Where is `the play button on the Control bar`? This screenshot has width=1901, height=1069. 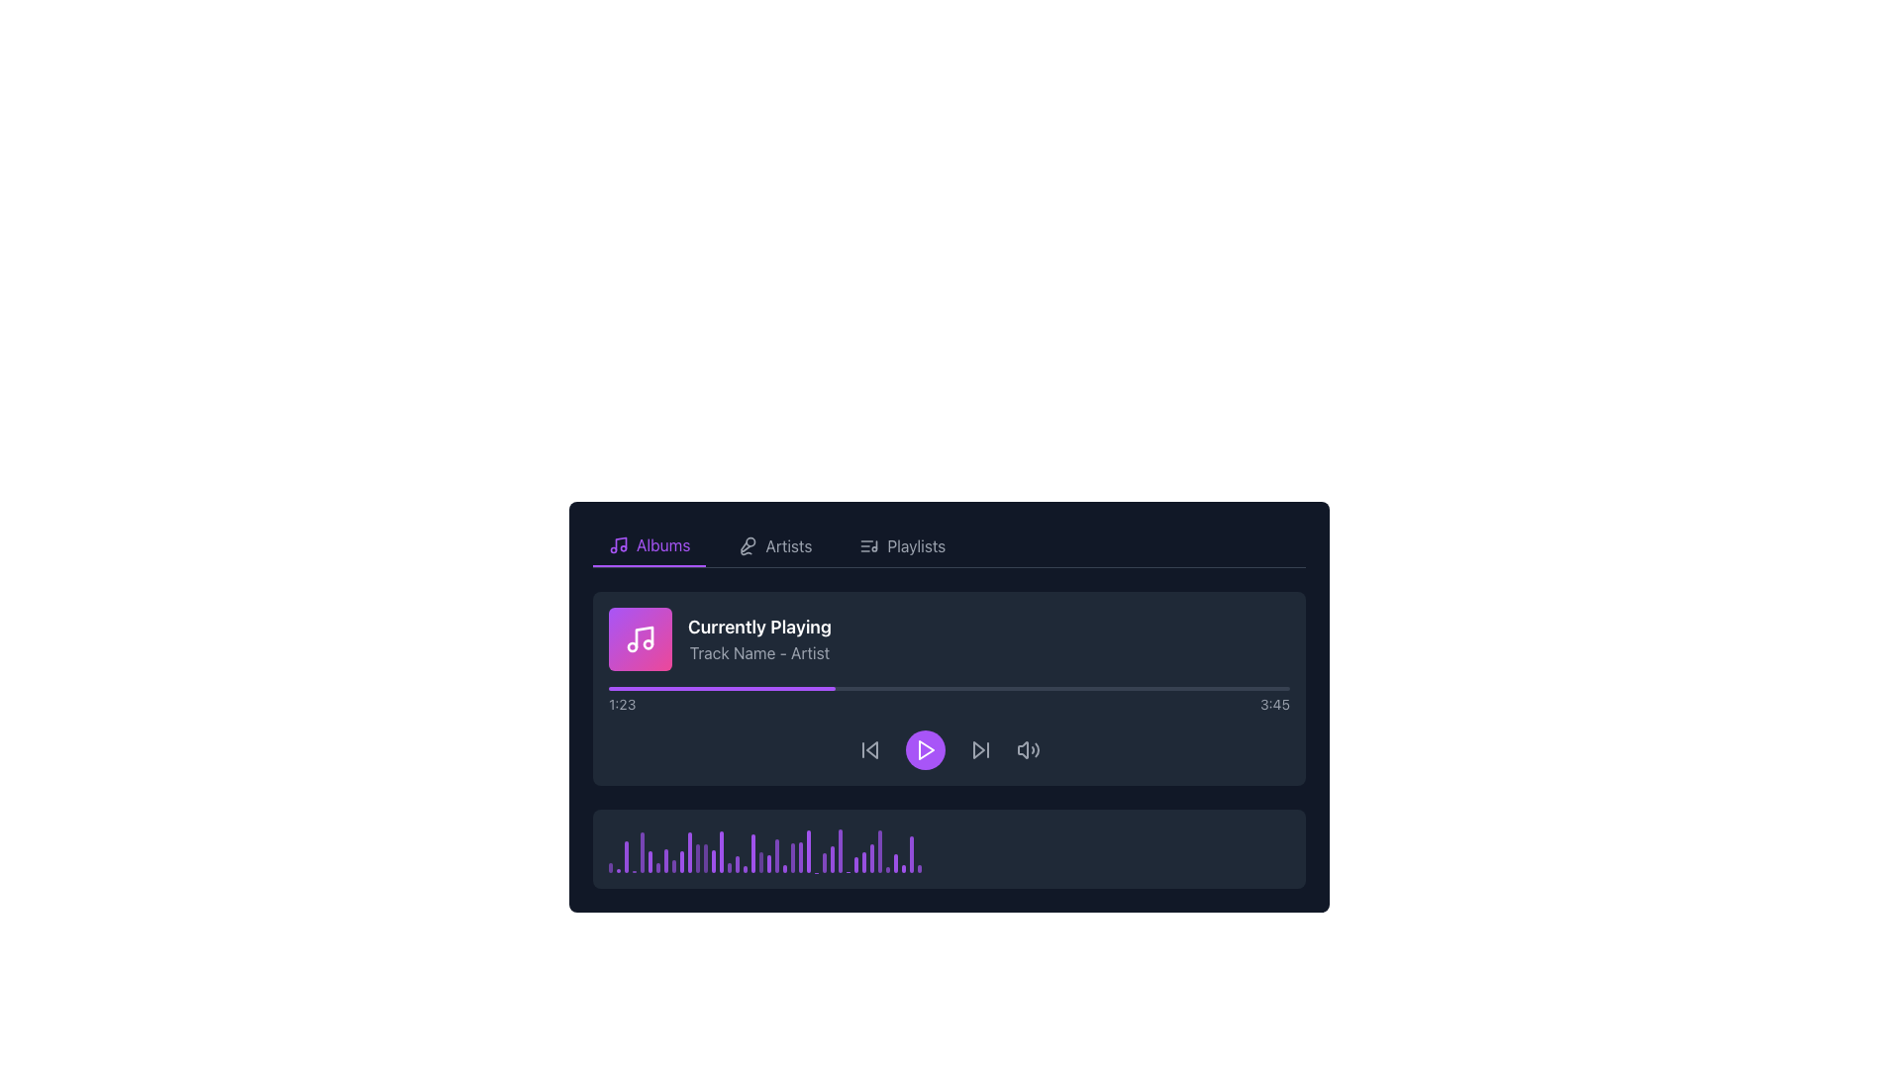
the play button on the Control bar is located at coordinates (949, 750).